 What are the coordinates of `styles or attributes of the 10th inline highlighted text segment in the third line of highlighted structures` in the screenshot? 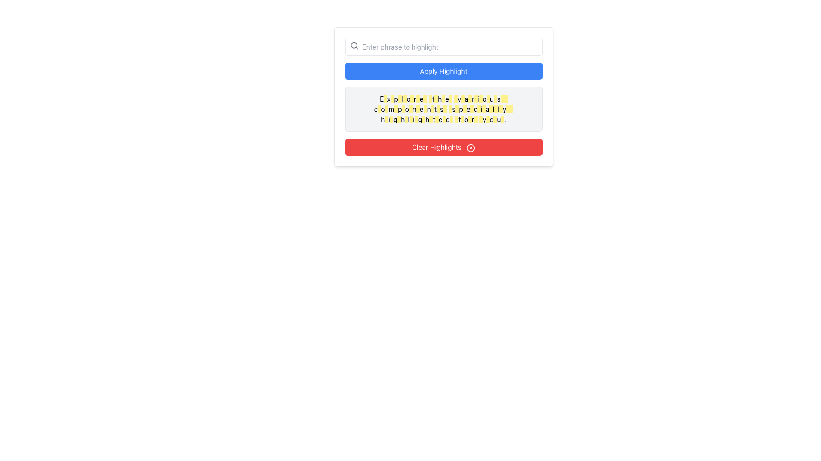 It's located at (444, 120).